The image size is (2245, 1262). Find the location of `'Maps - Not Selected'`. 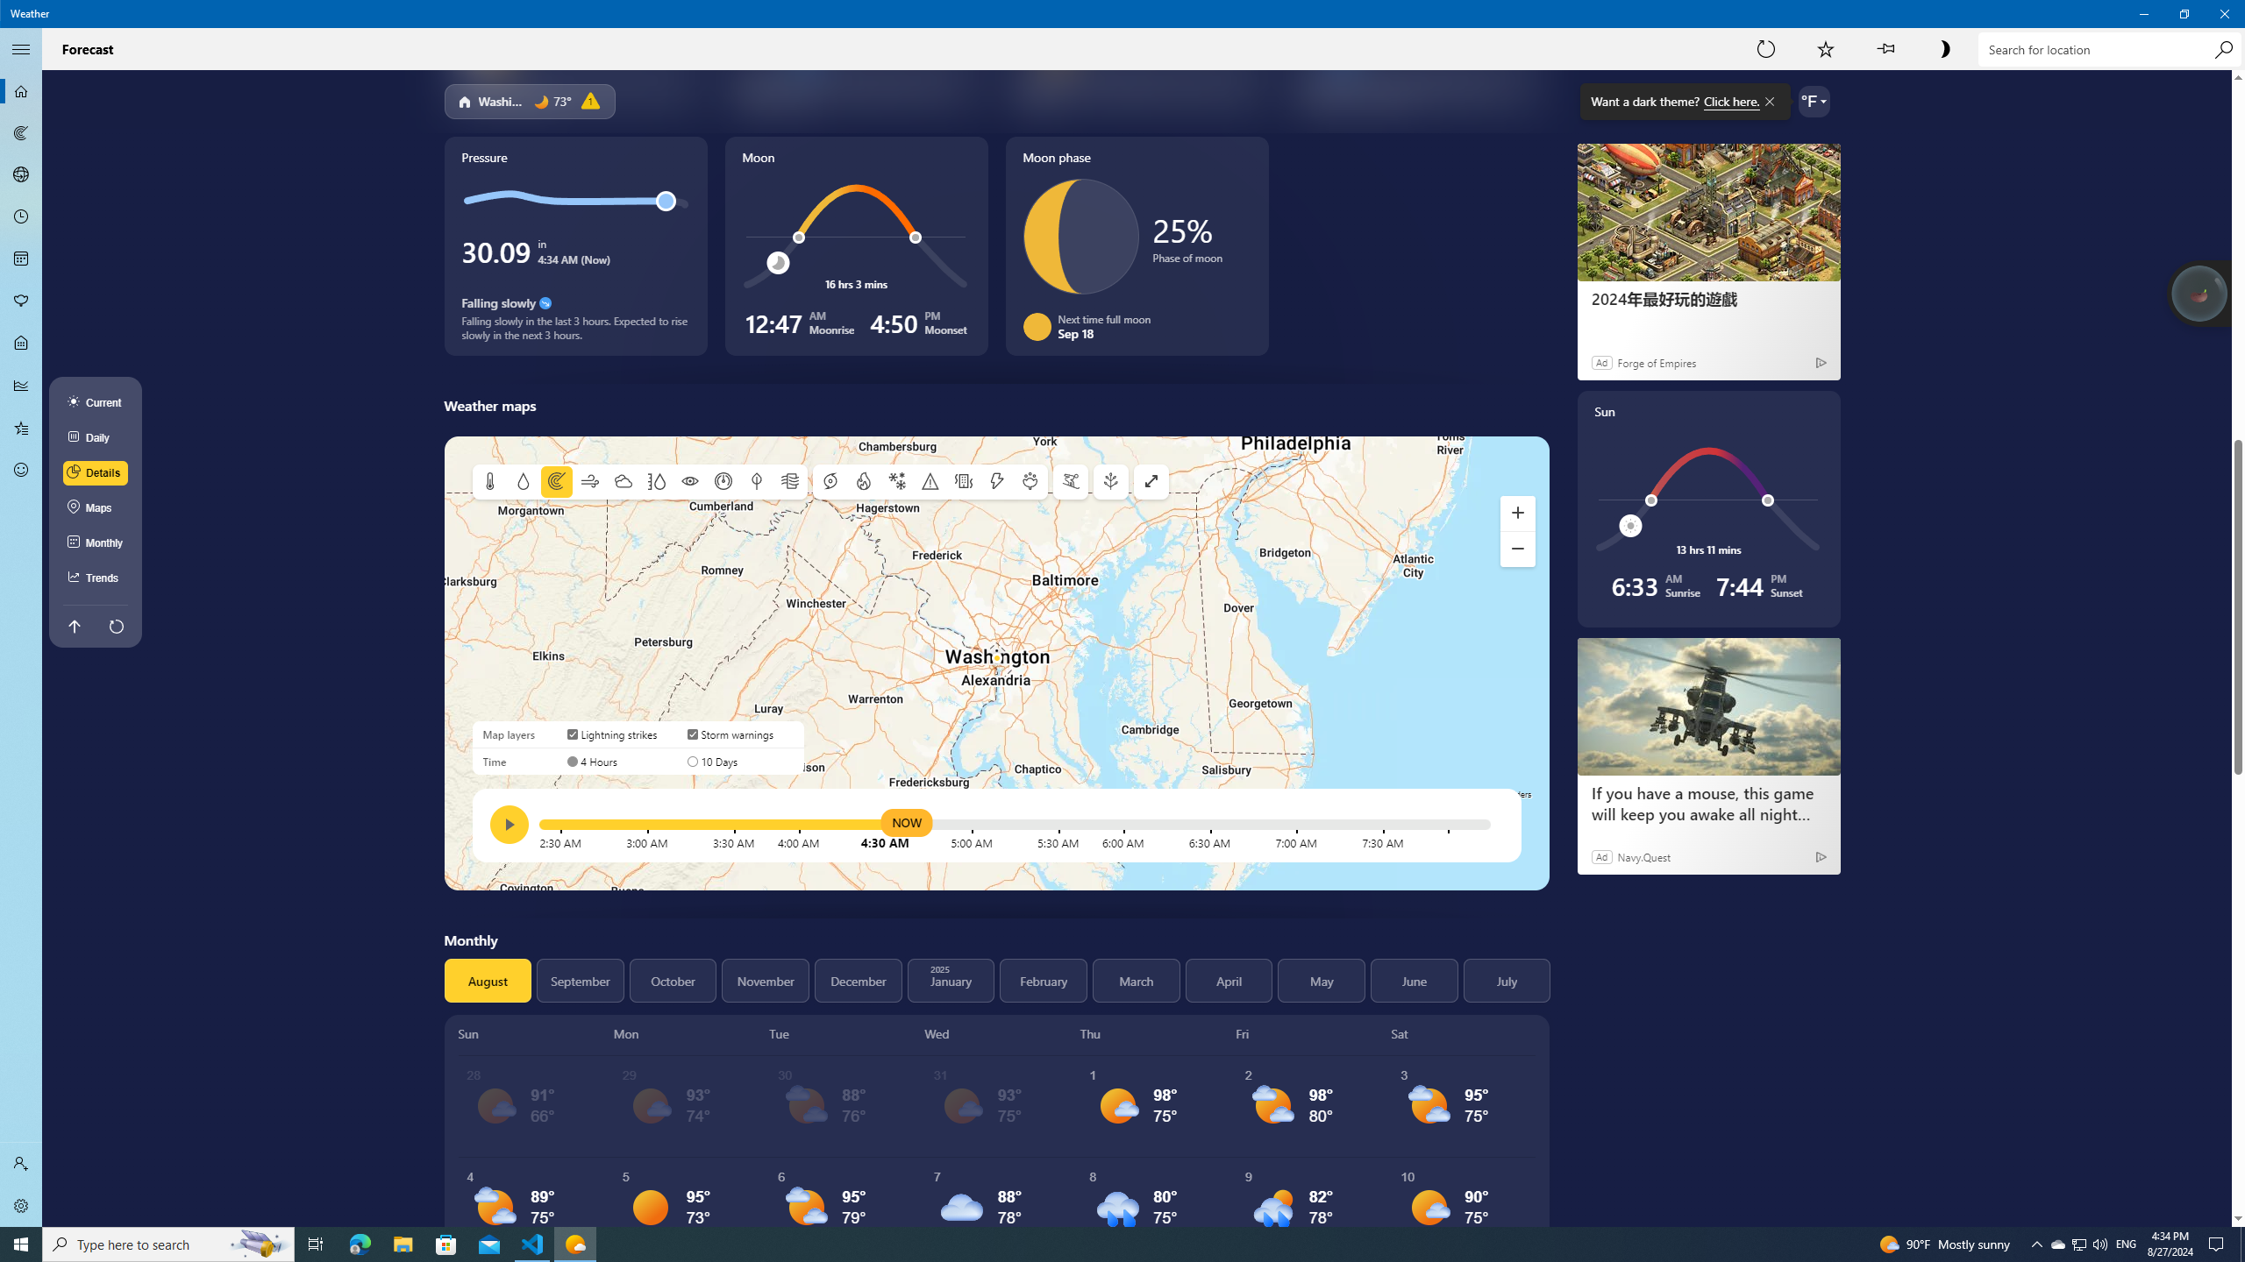

'Maps - Not Selected' is located at coordinates (21, 131).